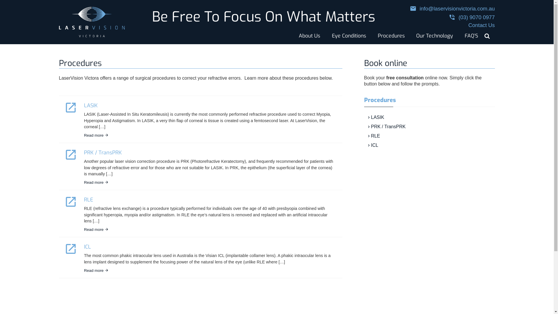 The width and height of the screenshot is (558, 314). I want to click on 'RLE', so click(88, 199).